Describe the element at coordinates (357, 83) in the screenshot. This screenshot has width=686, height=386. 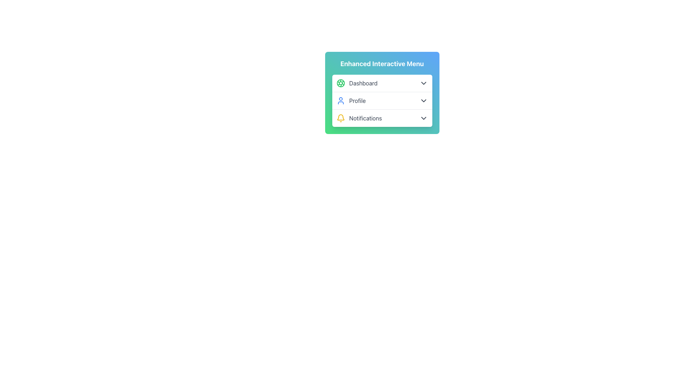
I see `the 'Dashboard' navigation link, which is represented by a green circular icon and bold text` at that location.